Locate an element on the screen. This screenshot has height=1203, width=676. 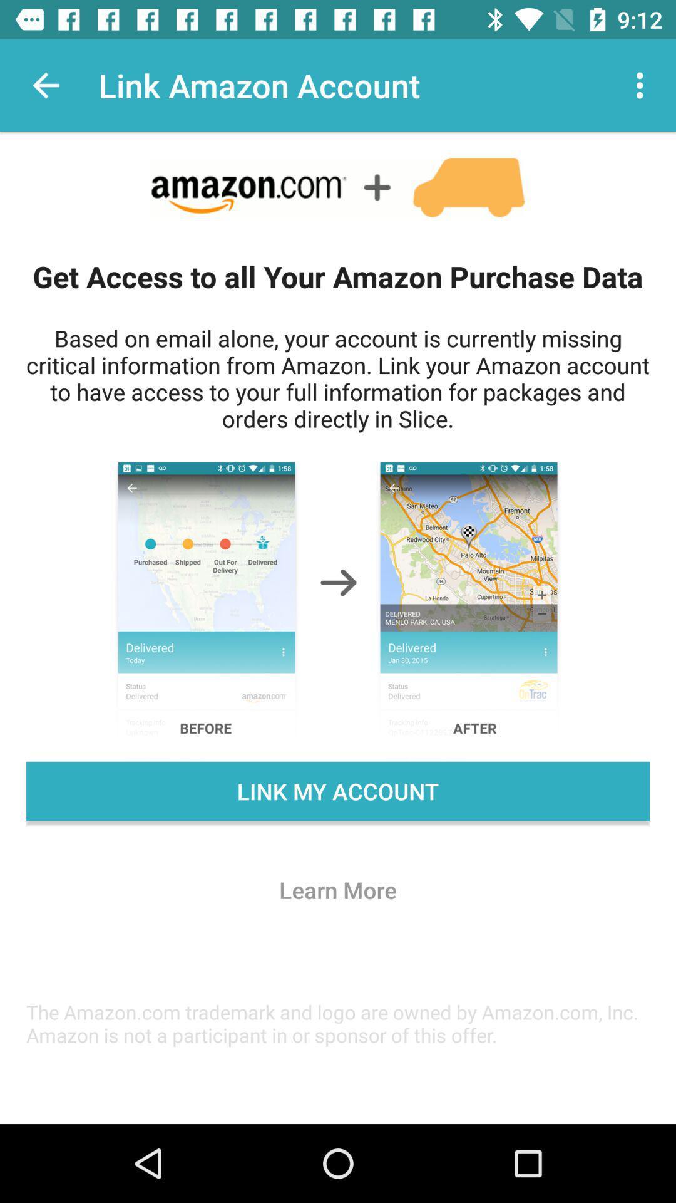
the app to the left of link amazon account app is located at coordinates (45, 85).